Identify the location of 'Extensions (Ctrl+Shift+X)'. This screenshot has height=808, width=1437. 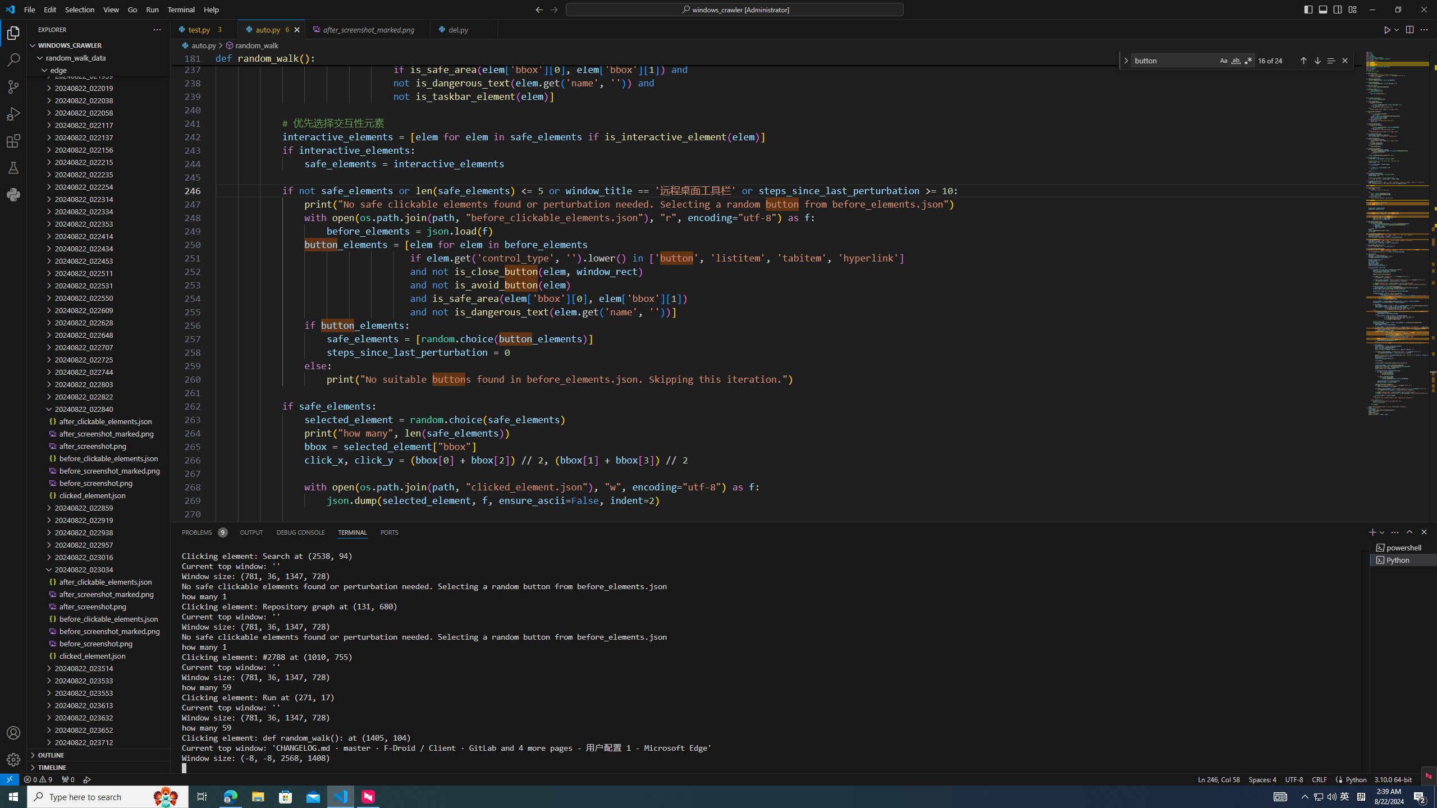
(13, 140).